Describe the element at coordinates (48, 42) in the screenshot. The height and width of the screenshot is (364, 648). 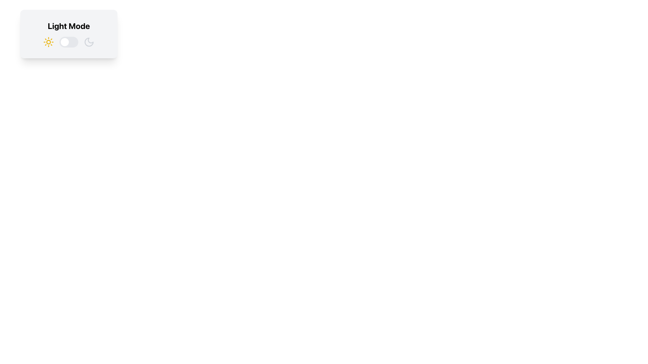
I see `sun icon, which is the leftmost icon in a horizontal arrangement, characterized by its bright yellow color and simplistic circular design, to gather details about its functionality` at that location.